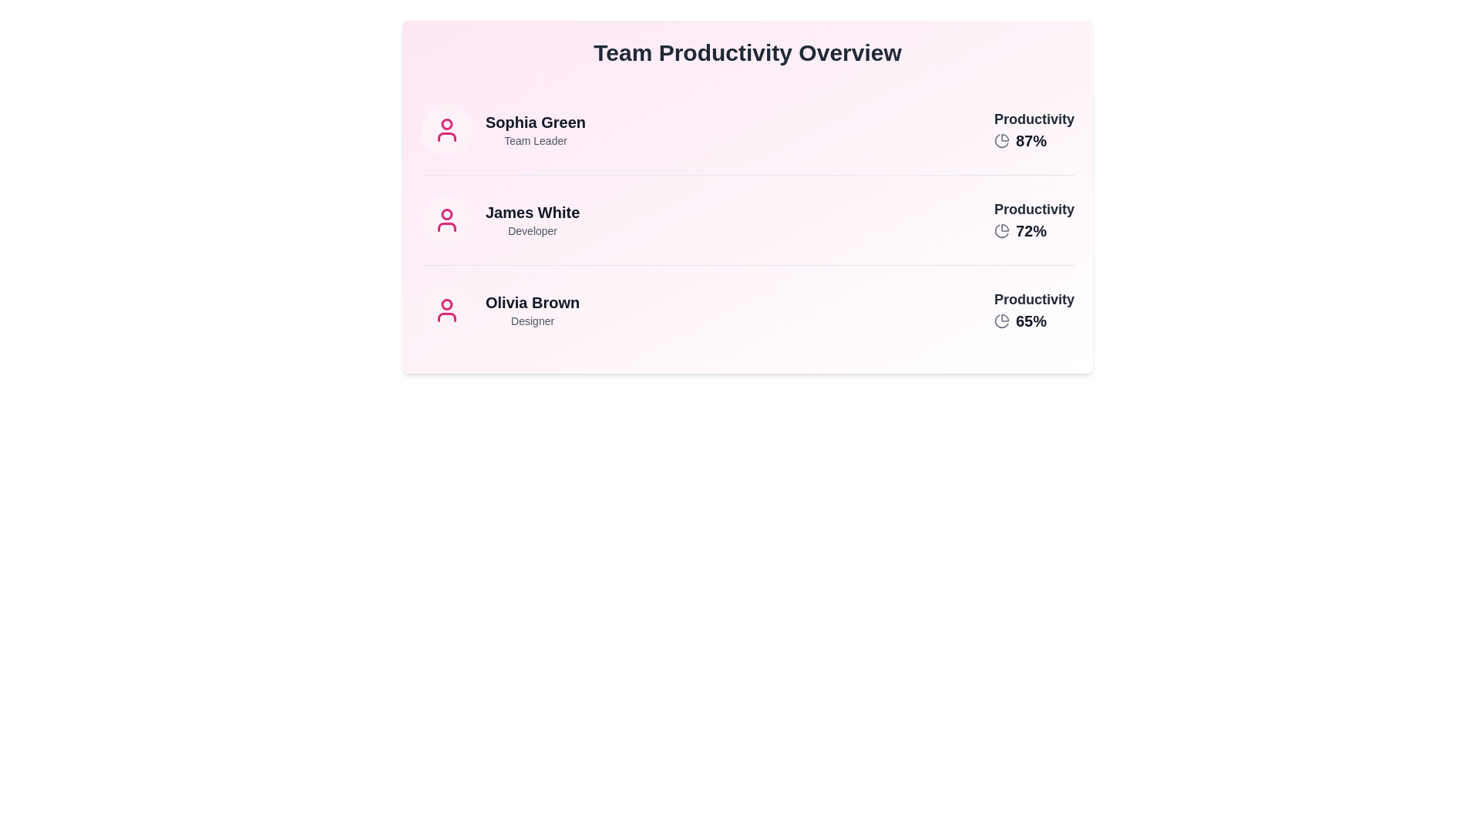  I want to click on the user profile card positioned between 'Sophia Green' and 'Olivia Brown' in the vertical list of user profile badges, so click(500, 220).